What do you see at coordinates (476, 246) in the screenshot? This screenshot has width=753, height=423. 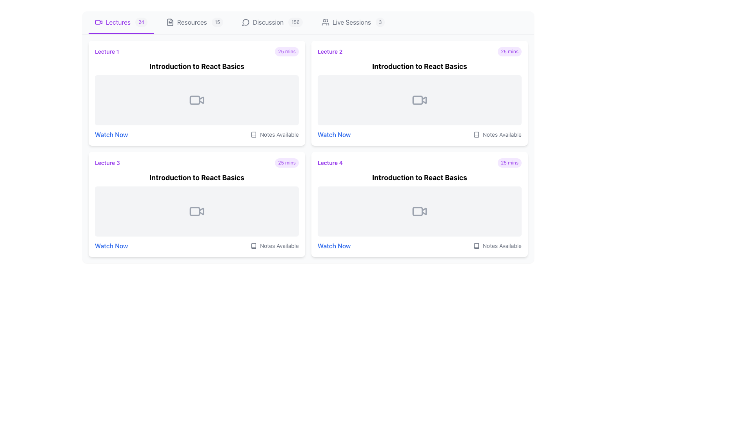 I see `the small SVG icon styled as a book with a gray outline located within the notification area displaying 'Notes Available', positioned at the bottom-right of the section labeled 'Lecture 4'` at bounding box center [476, 246].